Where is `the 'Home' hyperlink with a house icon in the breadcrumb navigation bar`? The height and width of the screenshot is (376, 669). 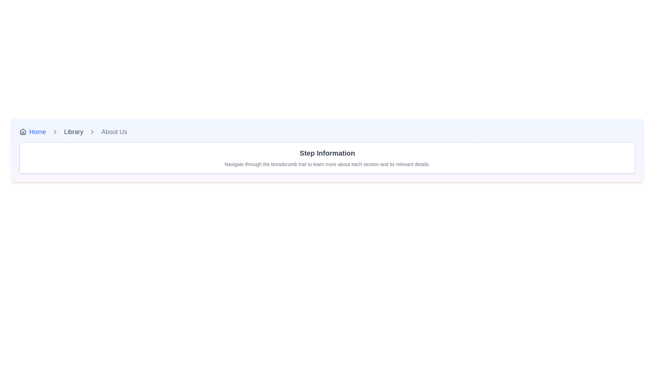
the 'Home' hyperlink with a house icon in the breadcrumb navigation bar is located at coordinates (32, 132).